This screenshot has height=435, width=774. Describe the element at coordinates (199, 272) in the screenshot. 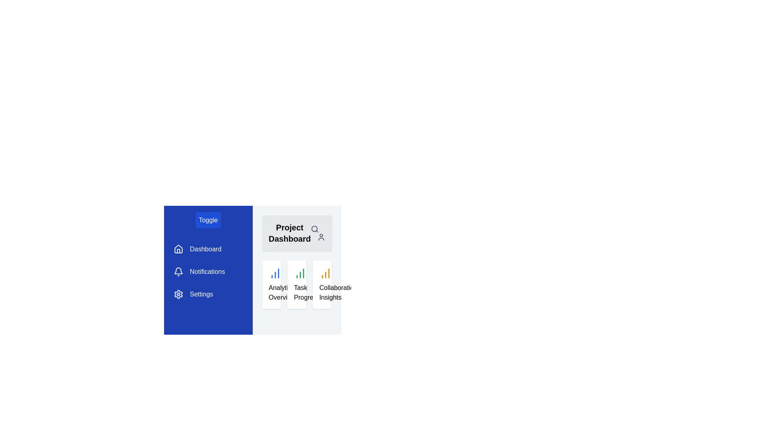

I see `the 'Notifications' menu option, which displays a bell icon and the text in white on a blue background, positioned between 'Dashboard' and 'Settings'` at that location.